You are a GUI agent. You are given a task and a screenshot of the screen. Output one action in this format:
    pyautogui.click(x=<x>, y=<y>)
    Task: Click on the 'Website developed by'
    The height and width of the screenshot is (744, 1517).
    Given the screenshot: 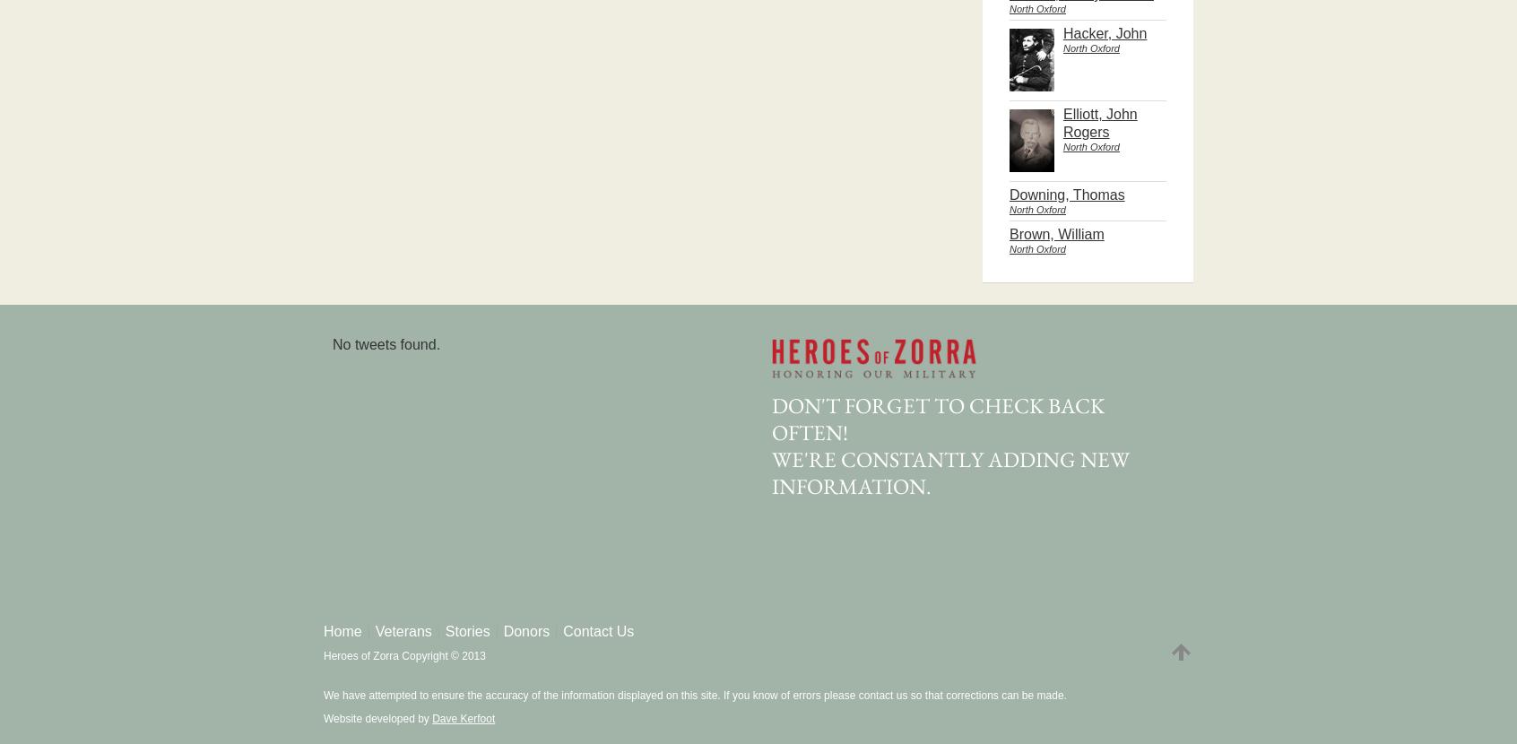 What is the action you would take?
    pyautogui.click(x=377, y=718)
    